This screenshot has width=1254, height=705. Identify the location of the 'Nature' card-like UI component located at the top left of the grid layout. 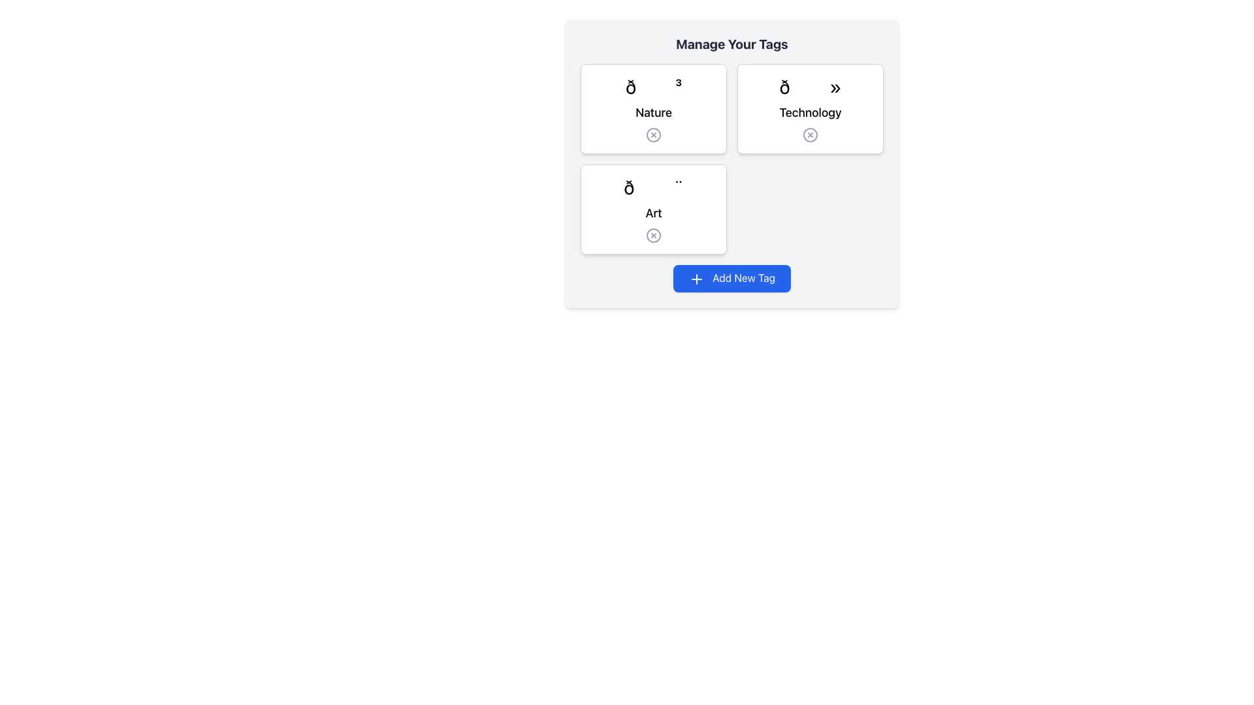
(654, 108).